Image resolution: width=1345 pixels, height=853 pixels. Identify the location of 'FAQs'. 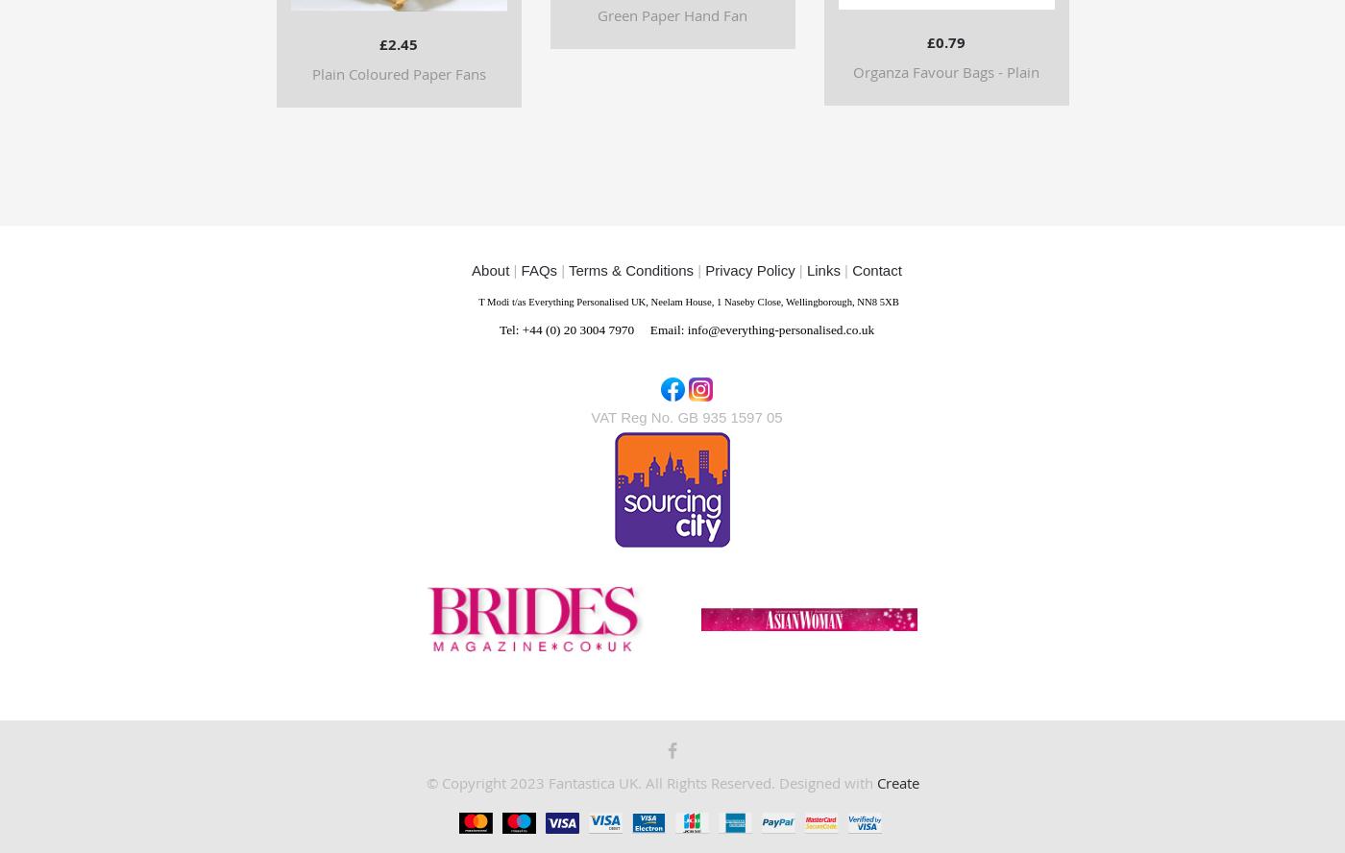
(538, 269).